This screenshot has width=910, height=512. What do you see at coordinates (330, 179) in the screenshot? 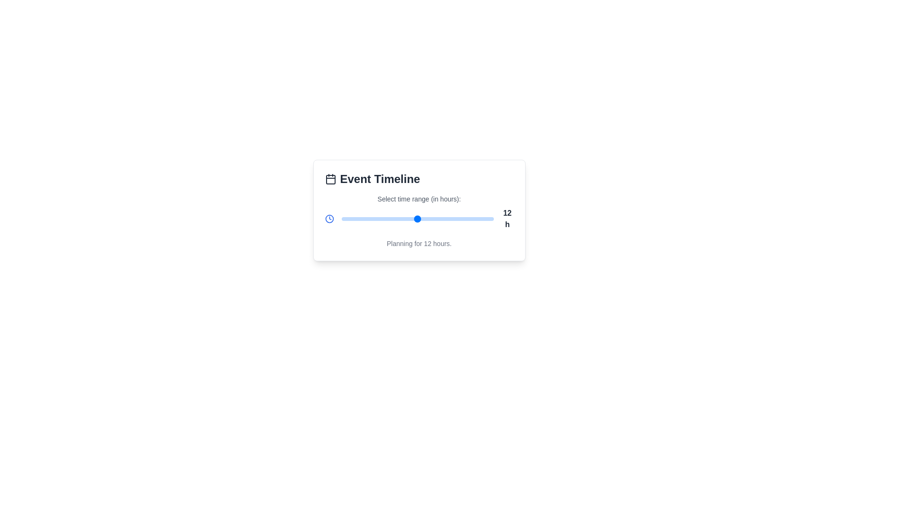
I see `the central graphical icon representing a calendar day, which is positioned beneath the horizontal line in the calendar icon` at bounding box center [330, 179].